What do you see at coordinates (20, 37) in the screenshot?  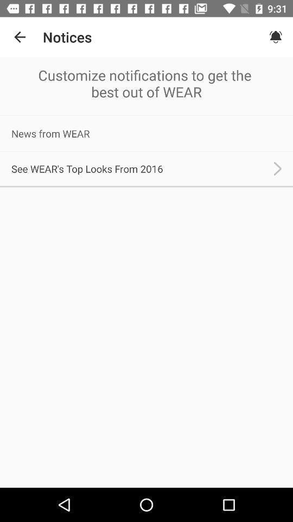 I see `the item to the left of the notices` at bounding box center [20, 37].